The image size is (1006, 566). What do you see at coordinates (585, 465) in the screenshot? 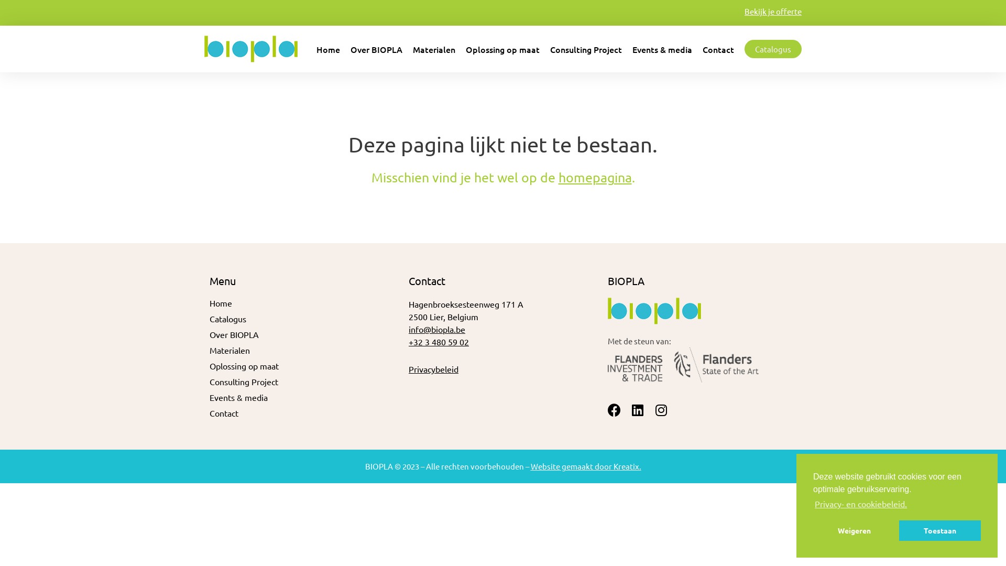
I see `'Website gemaakt door Kreatix.'` at bounding box center [585, 465].